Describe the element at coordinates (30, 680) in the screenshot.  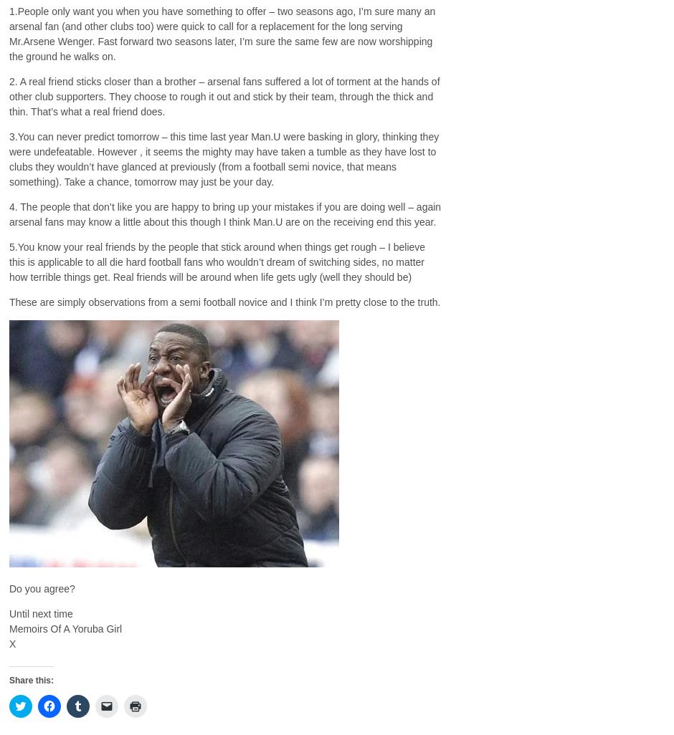
I see `'Share this:'` at that location.